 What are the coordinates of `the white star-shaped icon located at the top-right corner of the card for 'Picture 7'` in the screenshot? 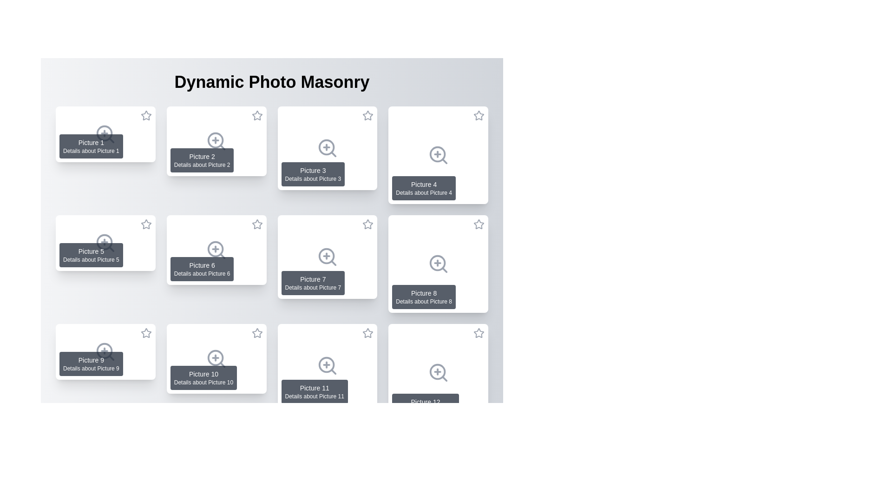 It's located at (367, 226).